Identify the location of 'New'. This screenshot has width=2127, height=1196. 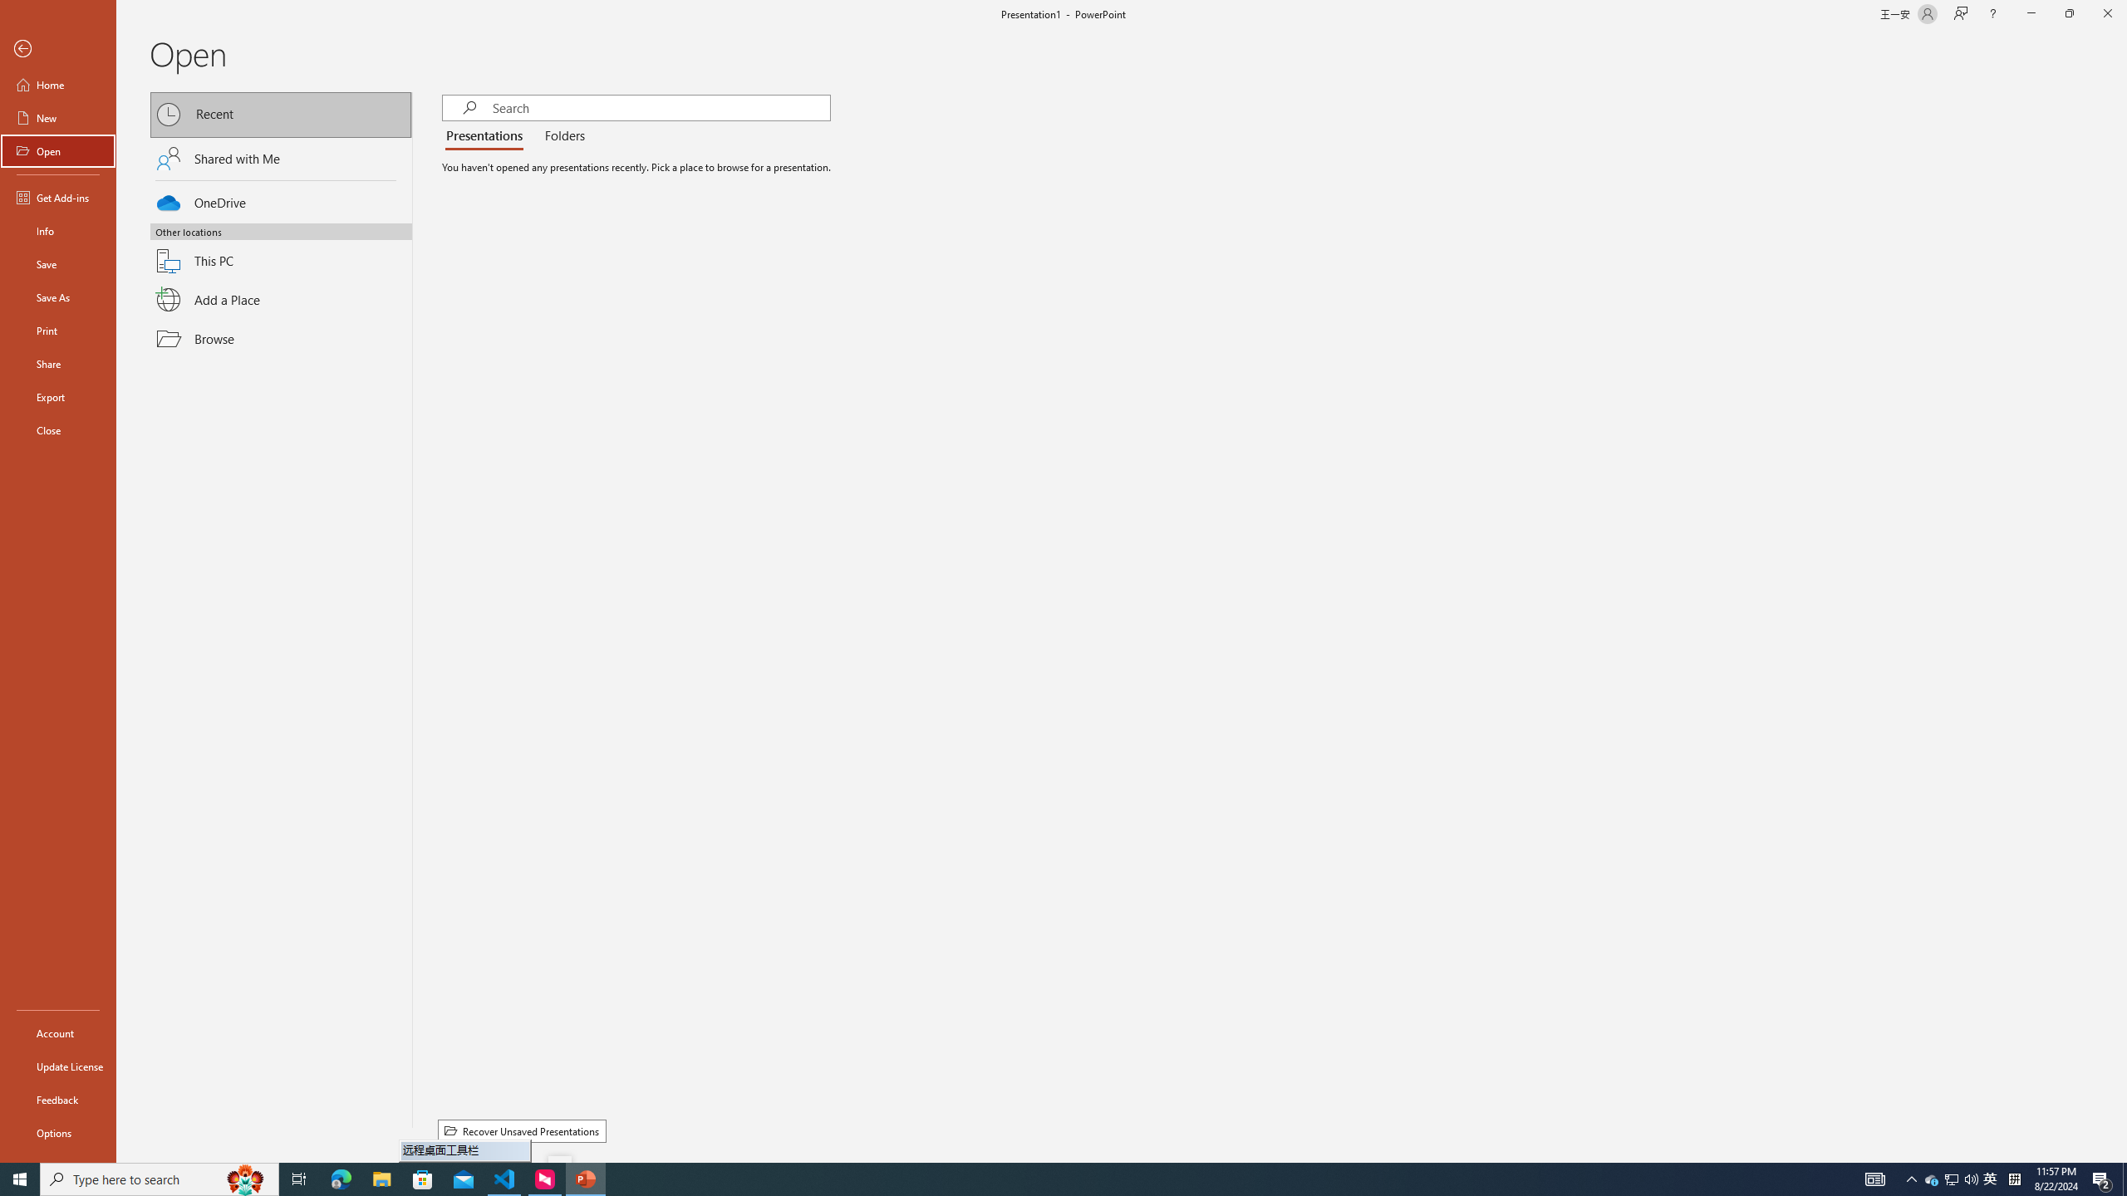
(57, 117).